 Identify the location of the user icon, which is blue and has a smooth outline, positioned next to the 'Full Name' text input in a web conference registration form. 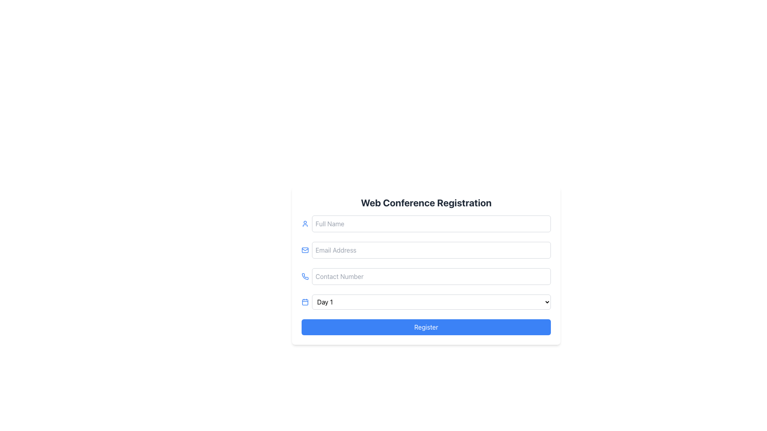
(304, 223).